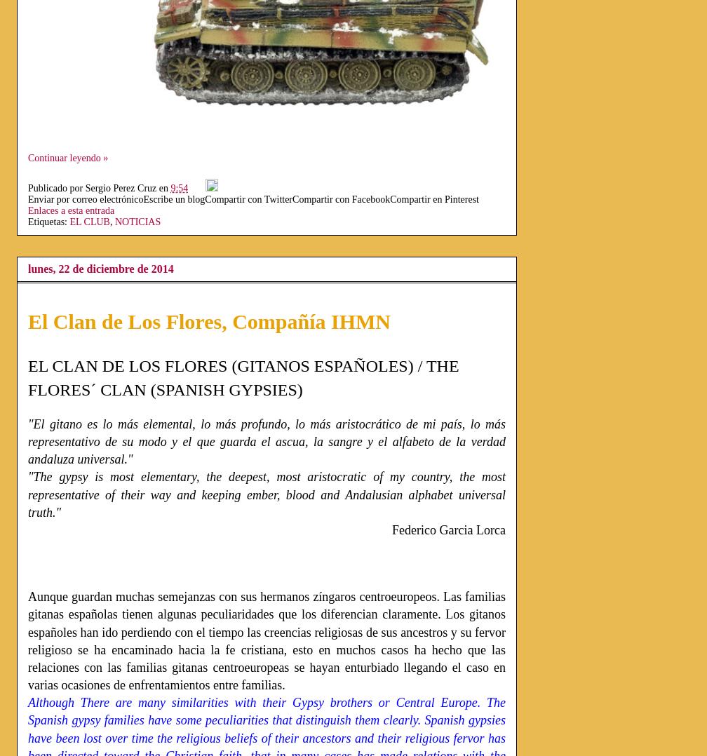 The height and width of the screenshot is (756, 707). I want to click on 'Etiquetas:', so click(48, 221).